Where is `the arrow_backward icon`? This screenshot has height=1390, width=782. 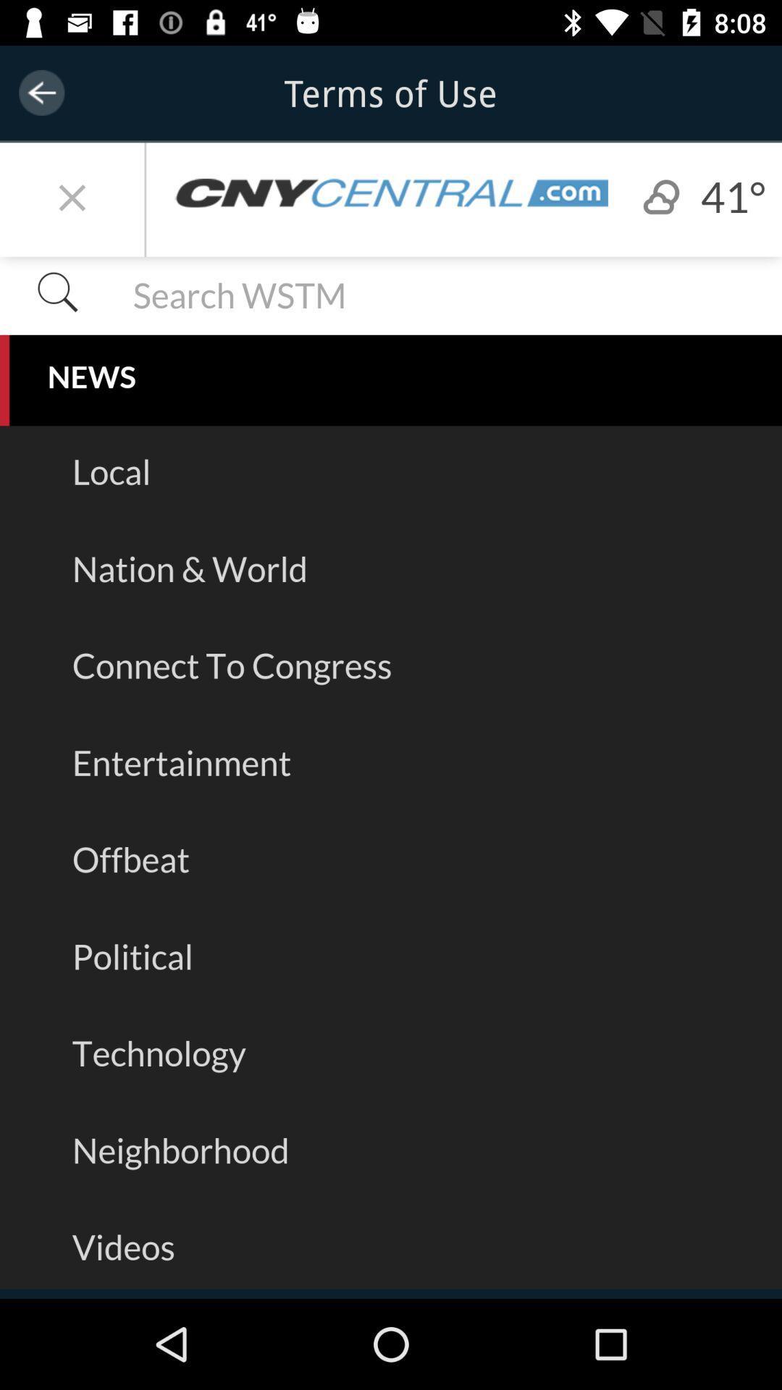 the arrow_backward icon is located at coordinates (41, 92).